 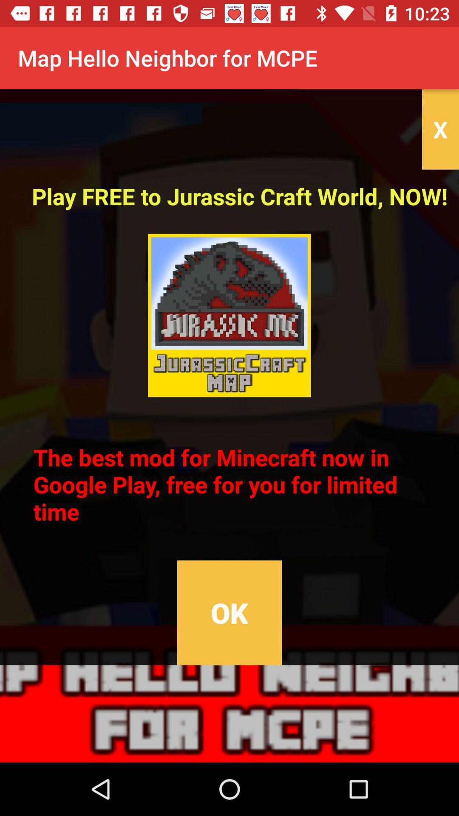 What do you see at coordinates (229, 612) in the screenshot?
I see `ok` at bounding box center [229, 612].